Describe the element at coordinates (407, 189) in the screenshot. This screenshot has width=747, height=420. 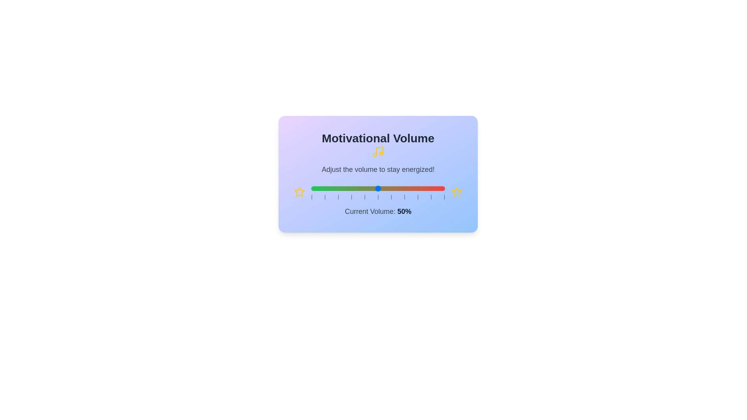
I see `the volume slider to set the volume to 72%` at that location.